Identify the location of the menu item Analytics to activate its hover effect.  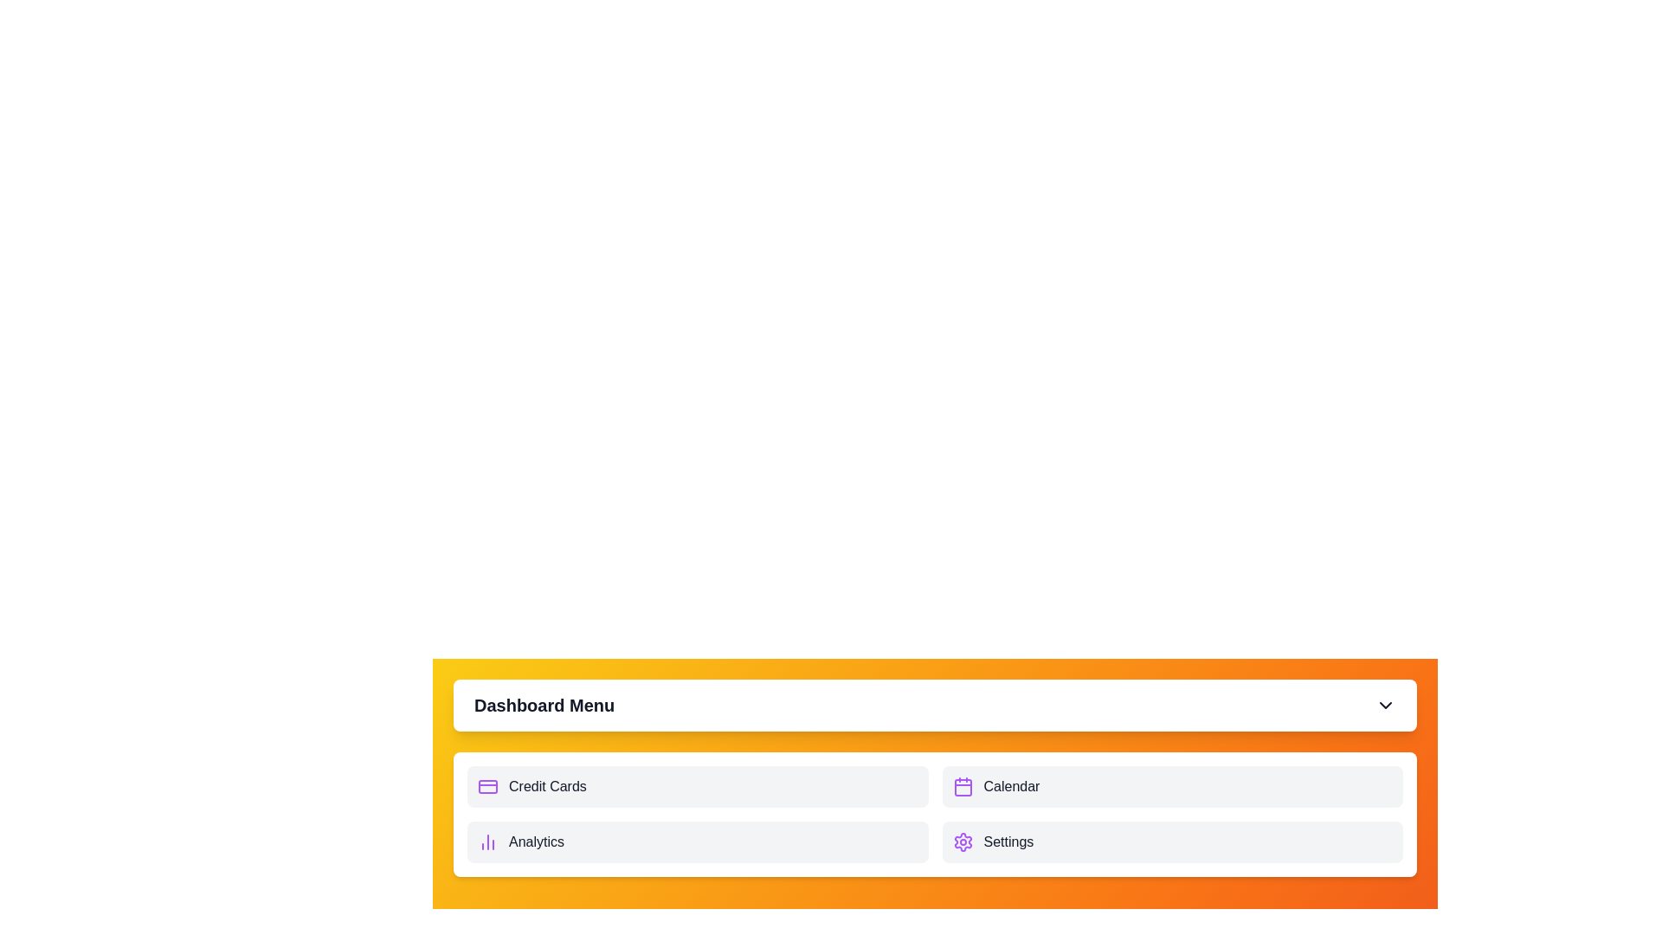
(698, 841).